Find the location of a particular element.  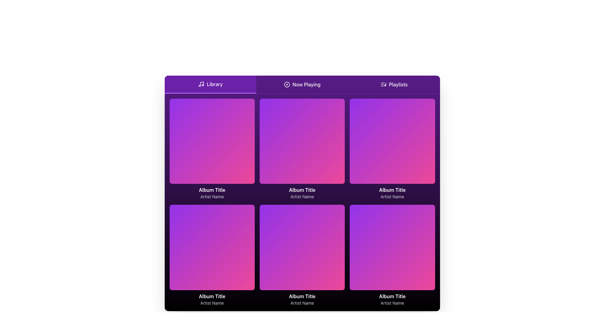

the larger circular shape of the icon located in the header of the application, centrally positioned above the 'Now Playing' label, between 'Library' and 'Playlists' is located at coordinates (286, 84).